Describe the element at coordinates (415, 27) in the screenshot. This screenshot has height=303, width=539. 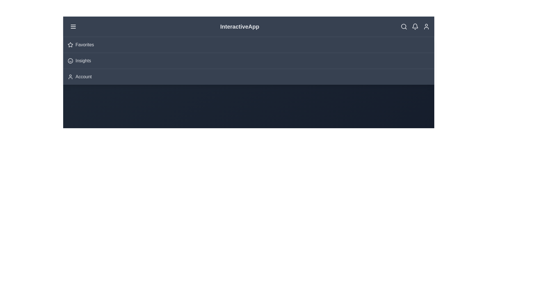
I see `the notification bell icon` at that location.